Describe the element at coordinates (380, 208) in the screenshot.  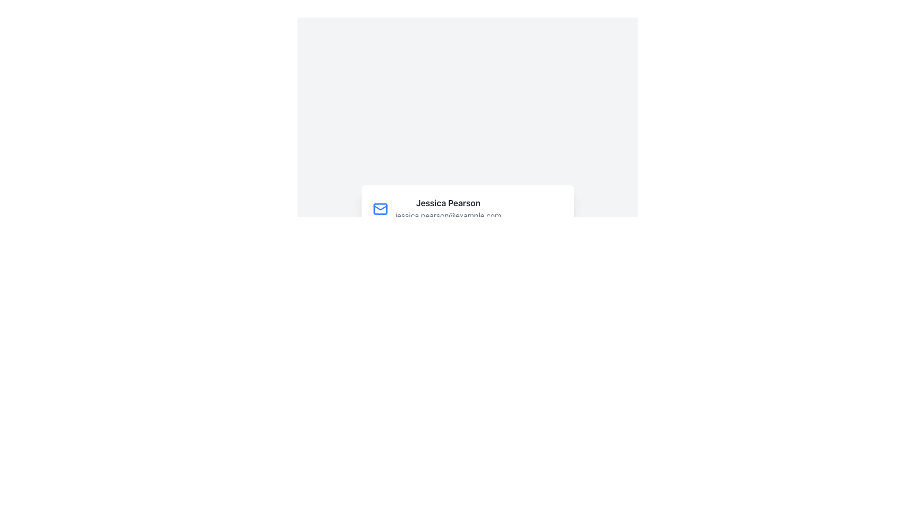
I see `the envelope icon indicating email or messaging functionality, located to the immediate left of the text elements for 'Jessica Pearson' and 'jessica.pearson@example.com'` at that location.